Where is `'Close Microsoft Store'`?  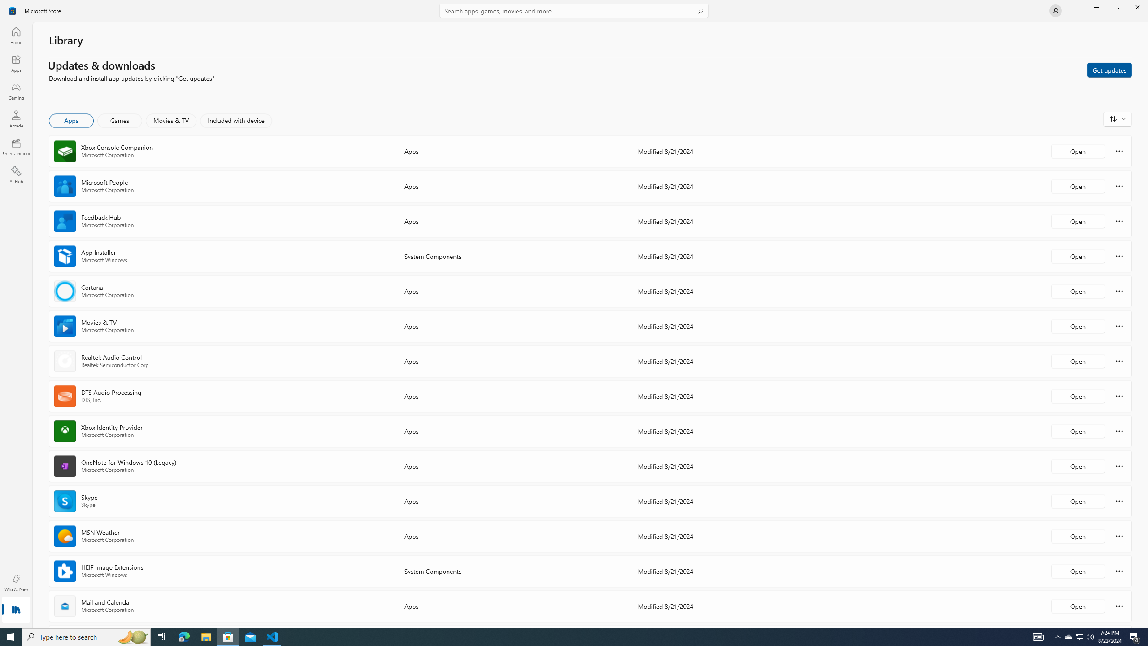 'Close Microsoft Store' is located at coordinates (1137, 7).